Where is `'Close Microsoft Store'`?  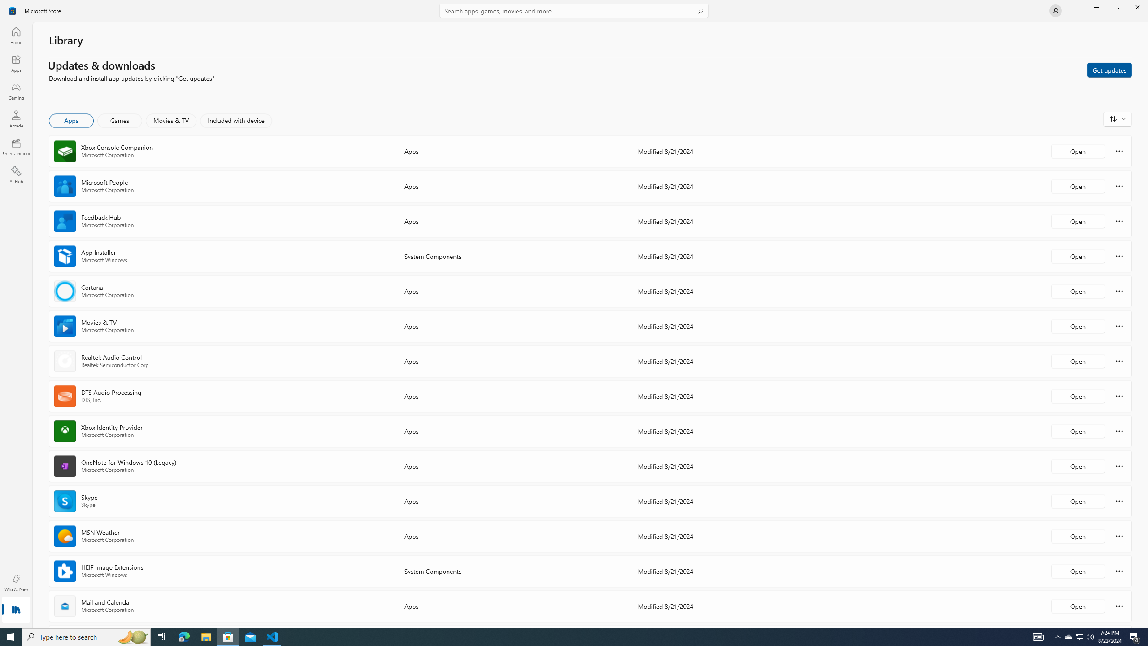 'Close Microsoft Store' is located at coordinates (1137, 7).